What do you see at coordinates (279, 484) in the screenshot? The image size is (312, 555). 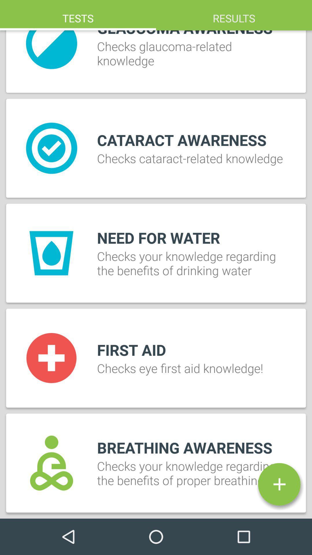 I see `the item below breathing awareness` at bounding box center [279, 484].